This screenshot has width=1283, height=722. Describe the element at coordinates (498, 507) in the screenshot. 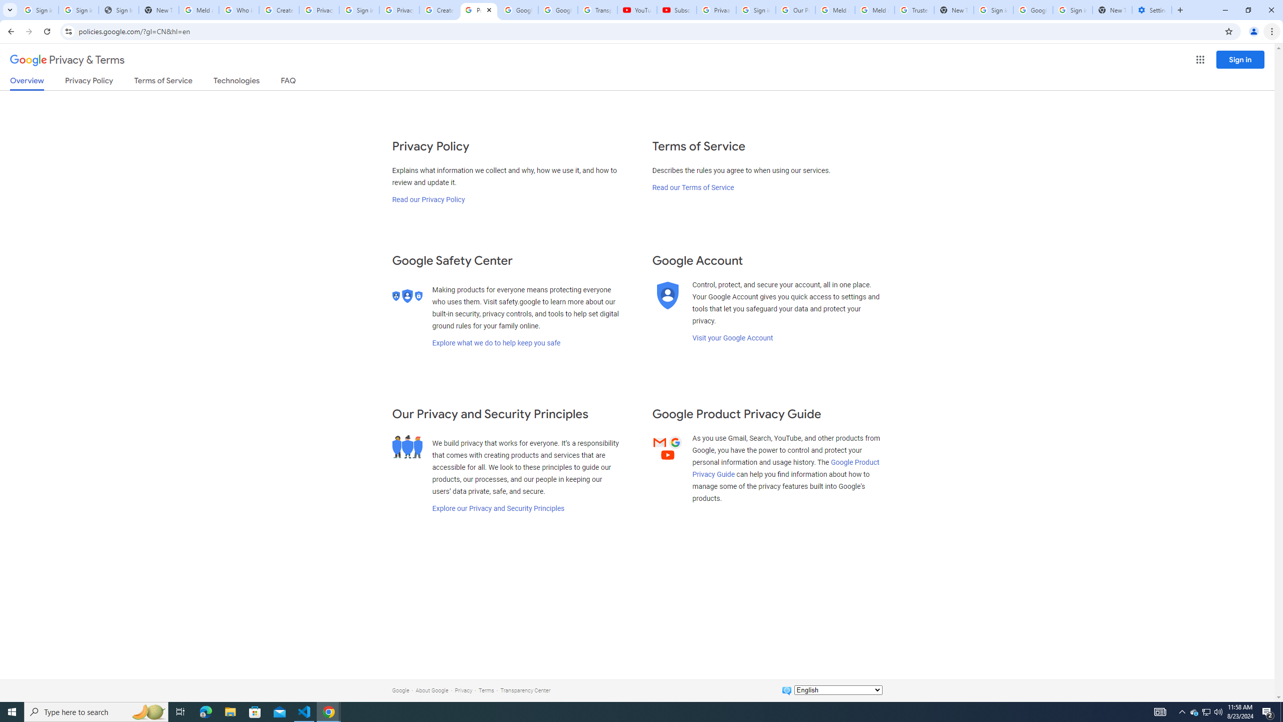

I see `'Explore our Privacy and Security Principles'` at that location.